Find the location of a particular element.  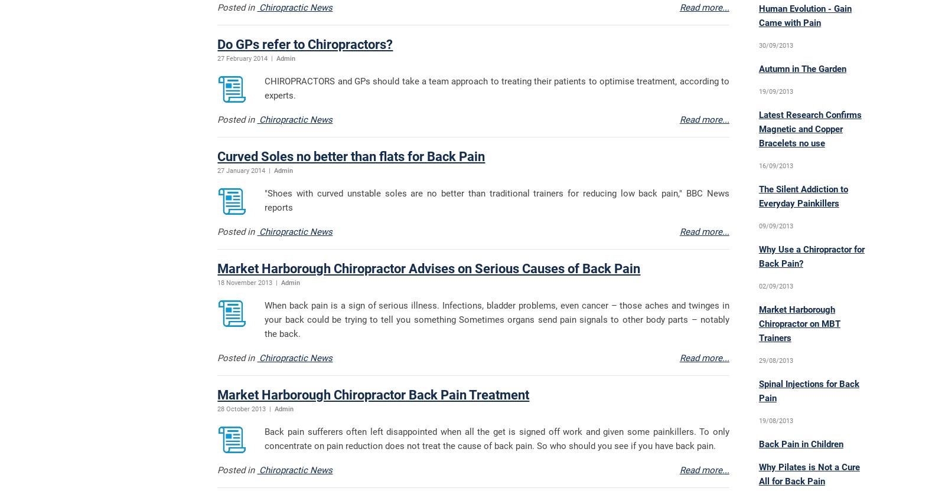

'18 November 2013  |' is located at coordinates (248, 281).